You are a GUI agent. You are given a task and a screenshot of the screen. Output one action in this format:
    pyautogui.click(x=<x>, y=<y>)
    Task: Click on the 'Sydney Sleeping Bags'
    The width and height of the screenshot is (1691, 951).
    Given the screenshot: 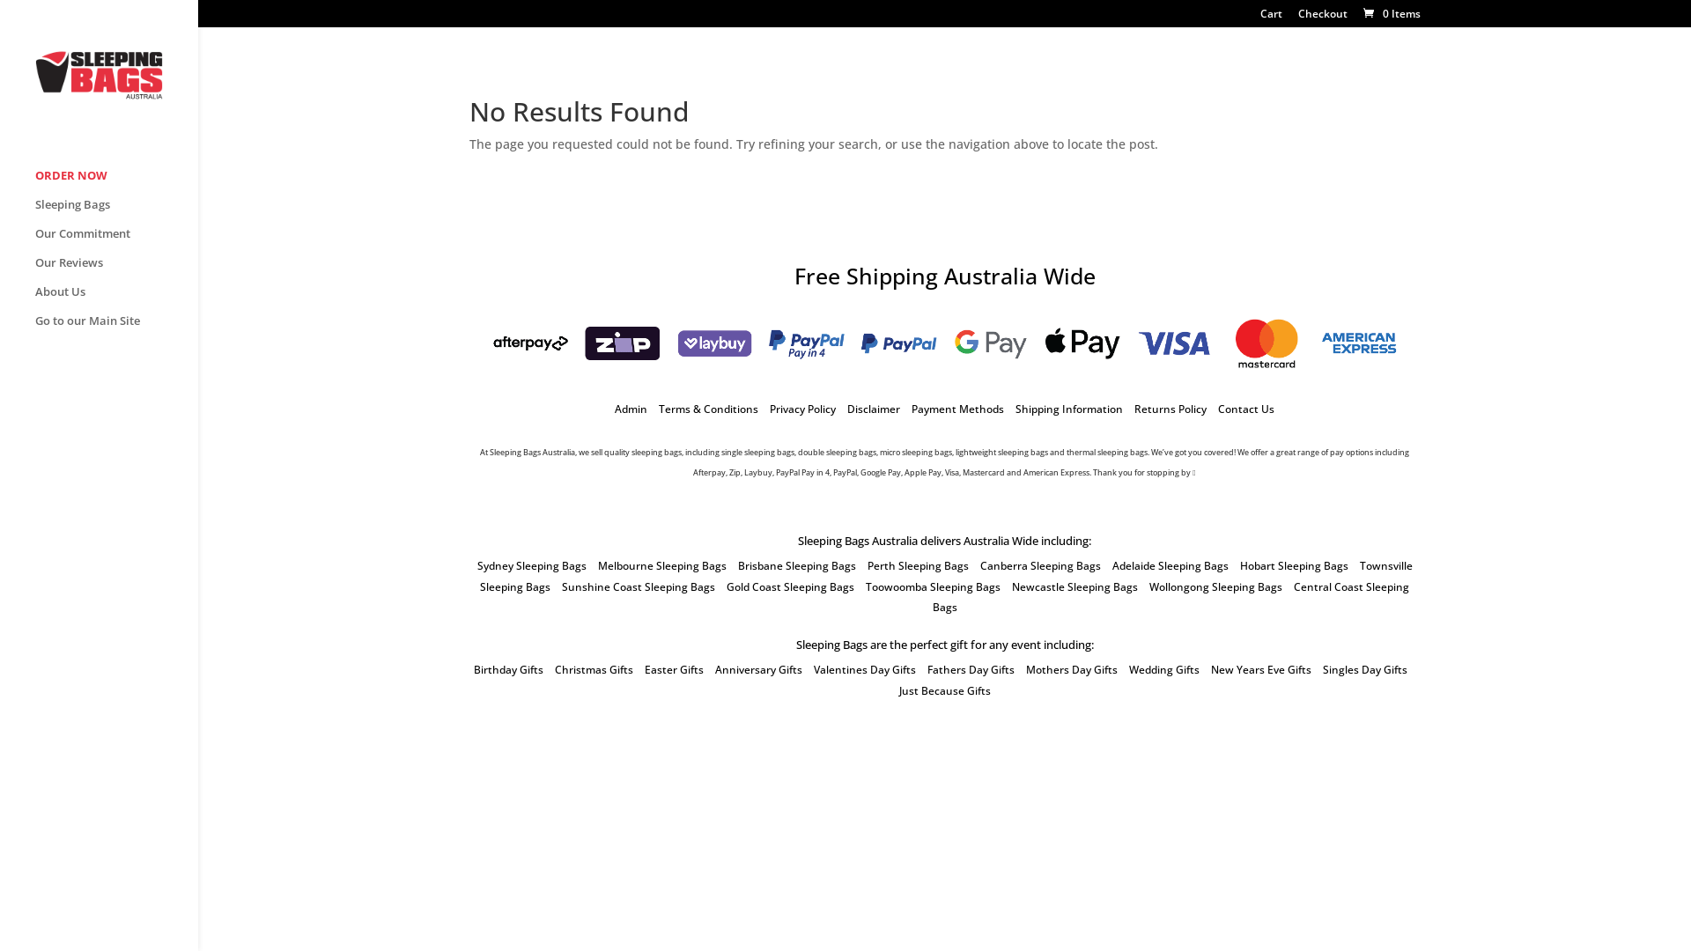 What is the action you would take?
    pyautogui.click(x=531, y=565)
    